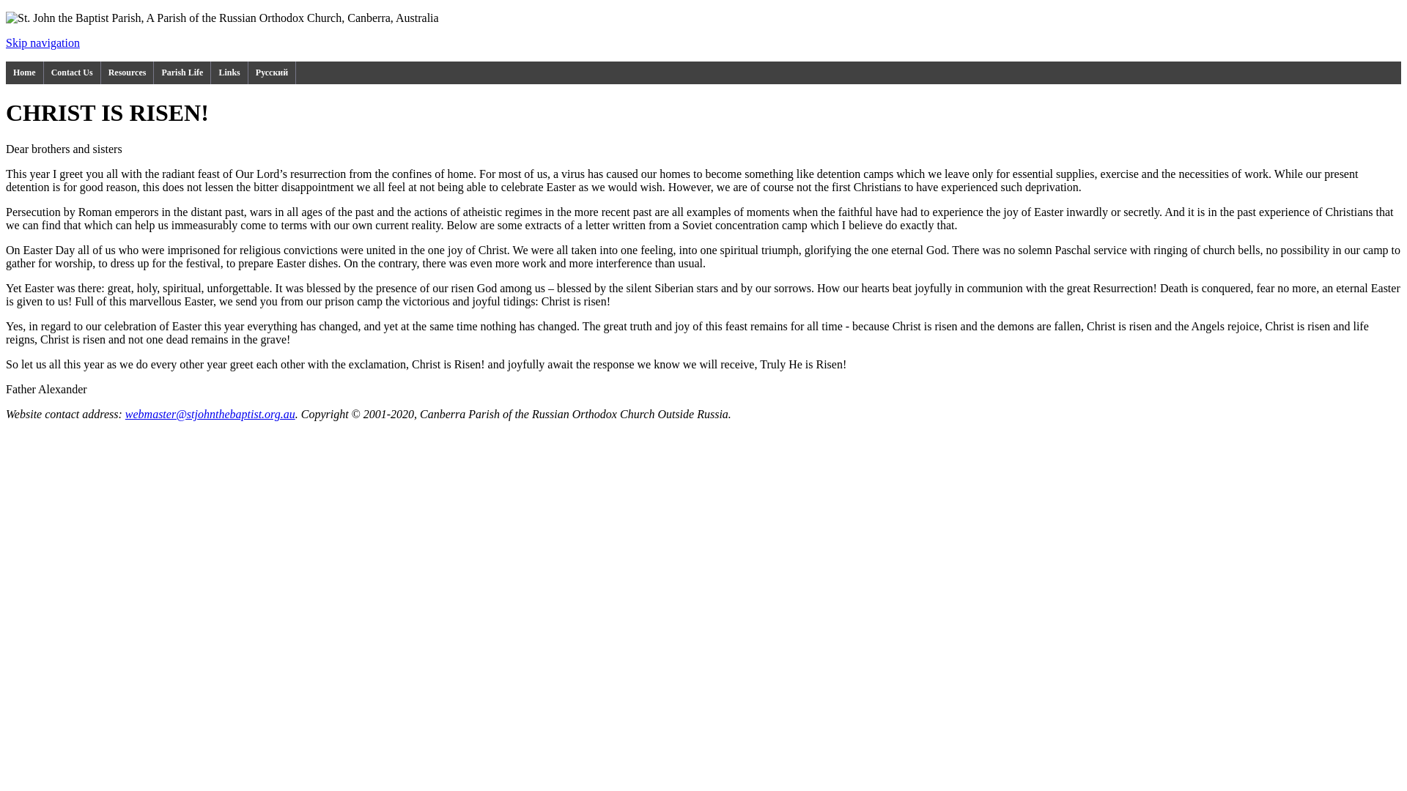 The image size is (1407, 791). Describe the element at coordinates (128, 73) in the screenshot. I see `'Resources'` at that location.